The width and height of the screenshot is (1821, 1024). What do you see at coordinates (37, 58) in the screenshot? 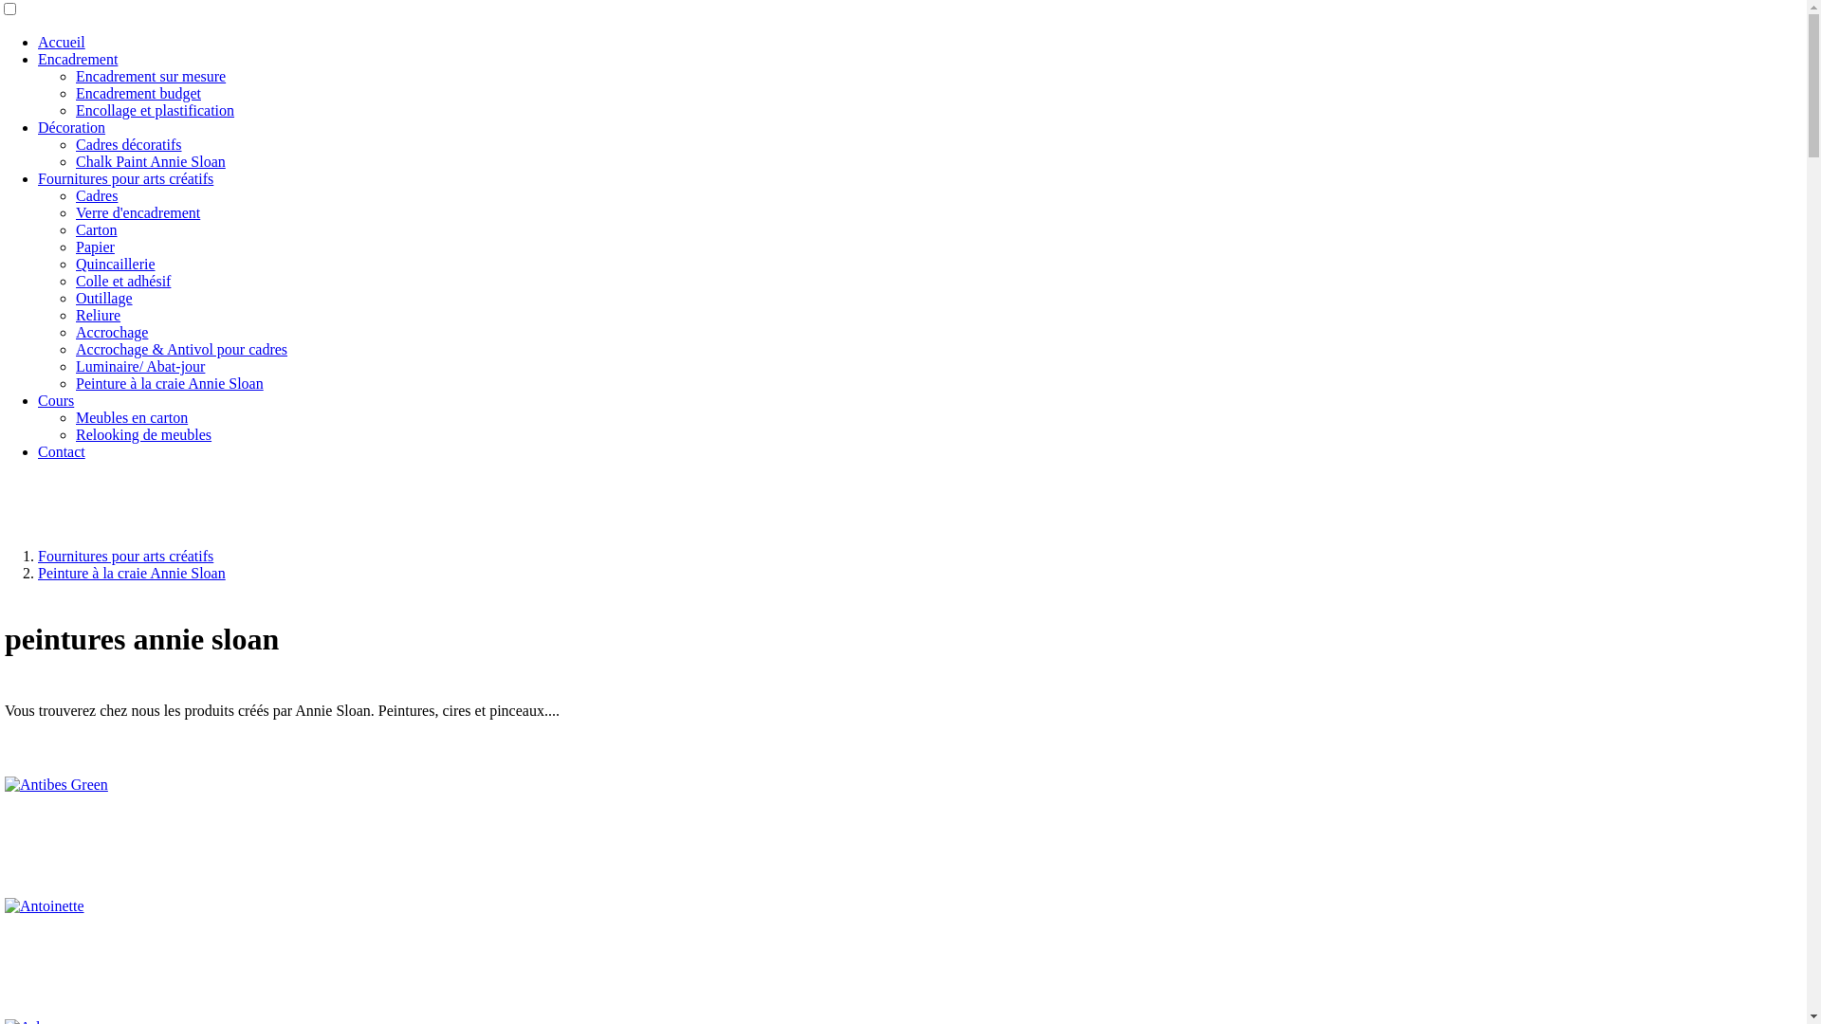
I see `'Encadrement'` at bounding box center [37, 58].